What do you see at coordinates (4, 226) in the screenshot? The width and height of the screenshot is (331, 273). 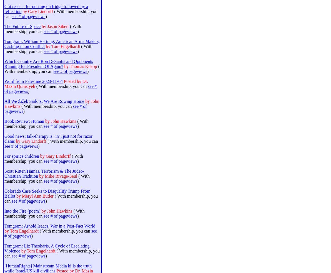 I see `'Tomgram: Arnold Isaacs, War in a Post-Fact World'` at bounding box center [4, 226].